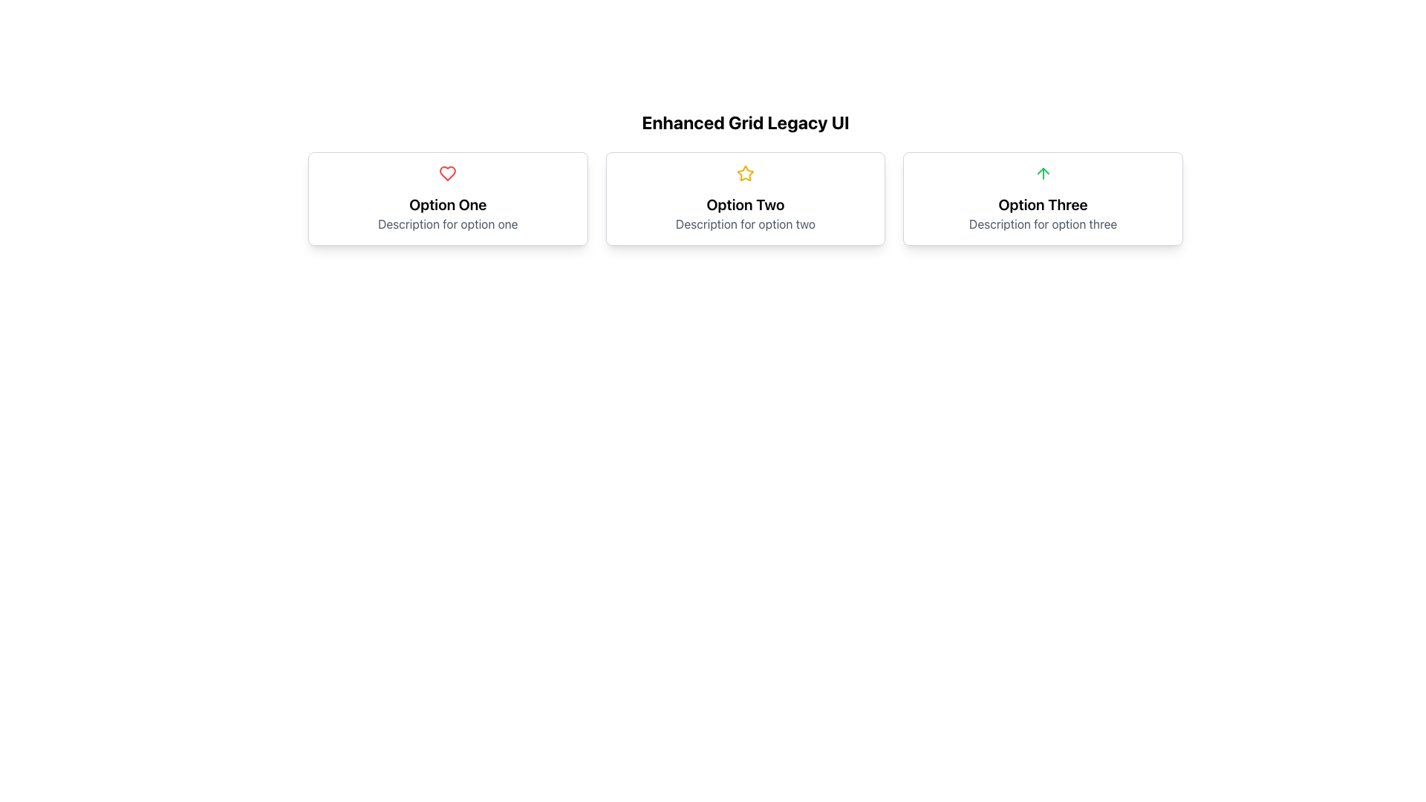  Describe the element at coordinates (447, 205) in the screenshot. I see `the text label displaying 'Option One', which is styled with a bold and slightly enlarged font and is positioned centrally within the first card of a group of three cards` at that location.